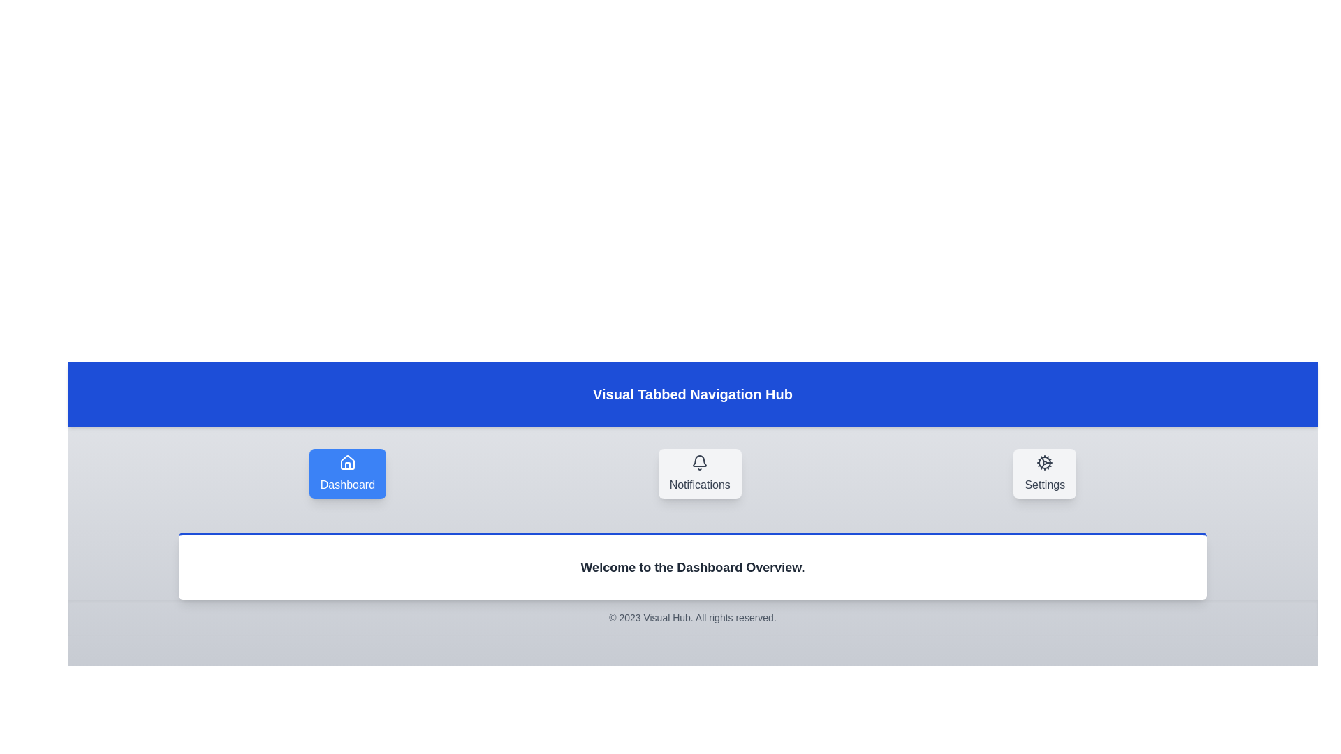 The image size is (1341, 754). I want to click on the blue 'Dashboard' button with a house icon, so click(347, 473).